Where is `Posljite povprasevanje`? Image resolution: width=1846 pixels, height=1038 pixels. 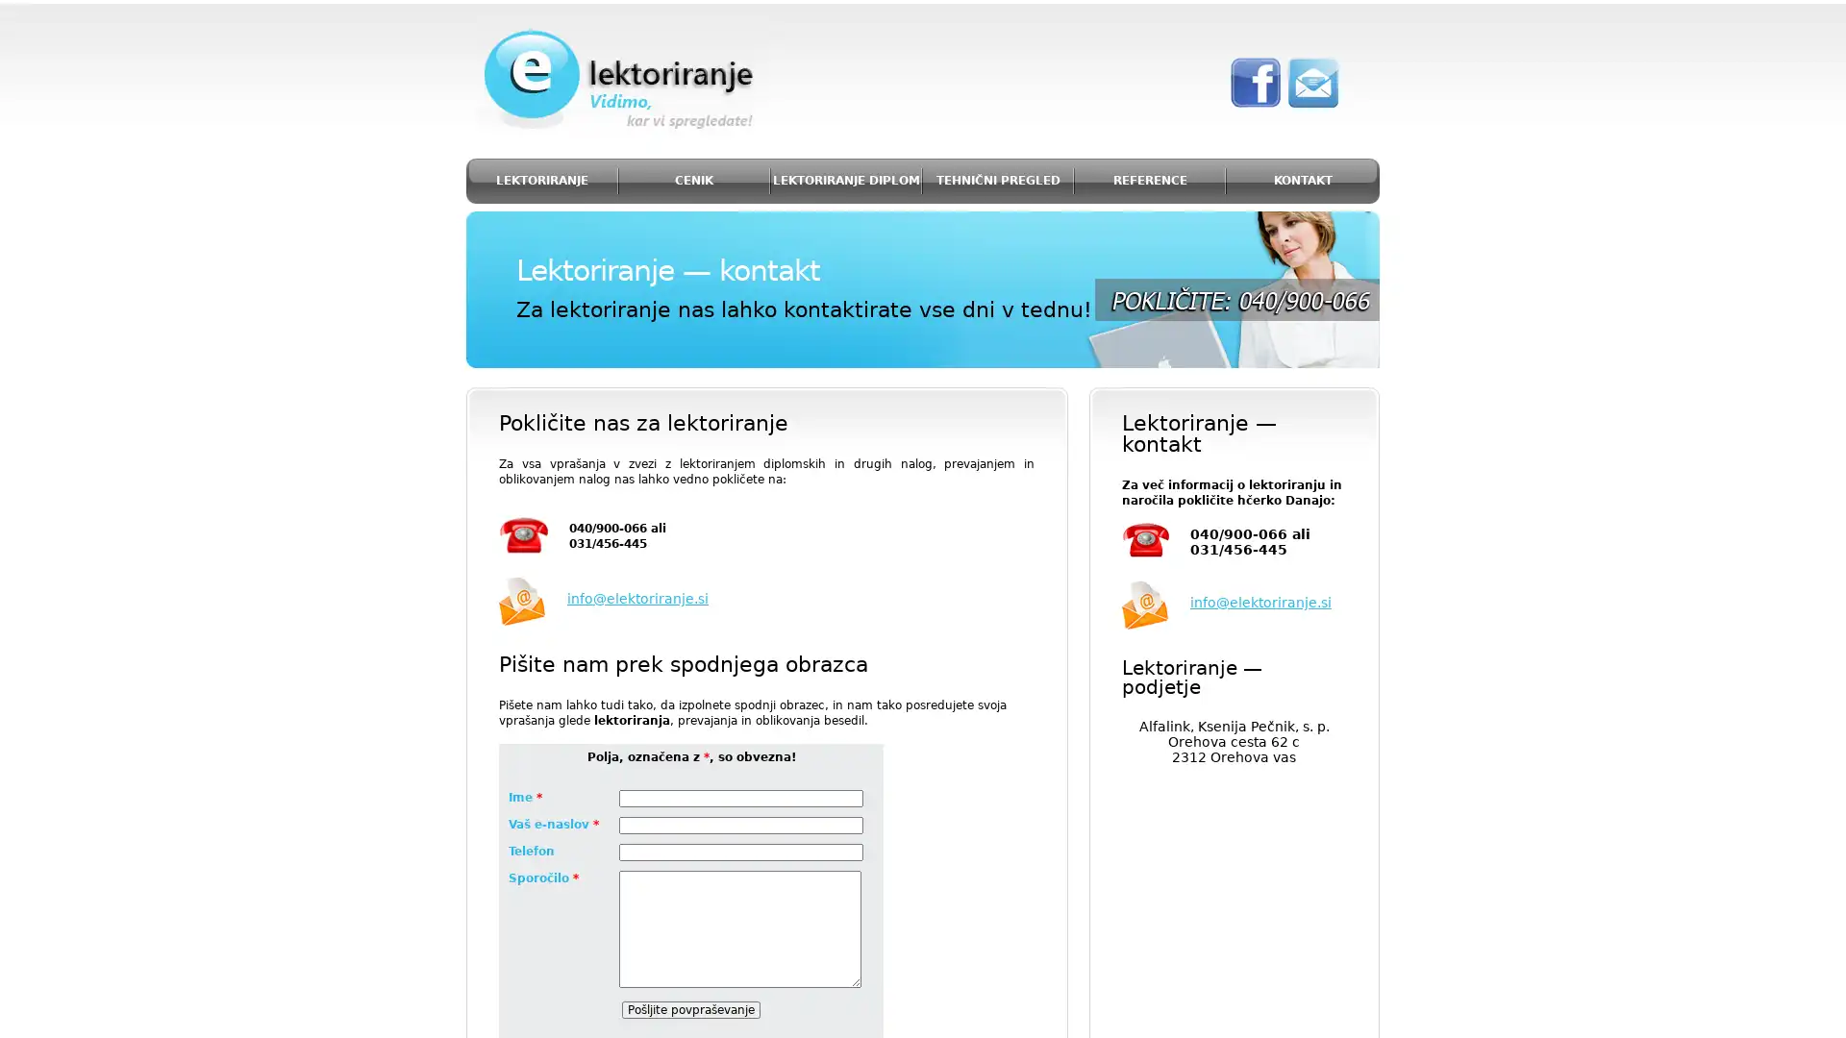 Posljite povprasevanje is located at coordinates (691, 1008).